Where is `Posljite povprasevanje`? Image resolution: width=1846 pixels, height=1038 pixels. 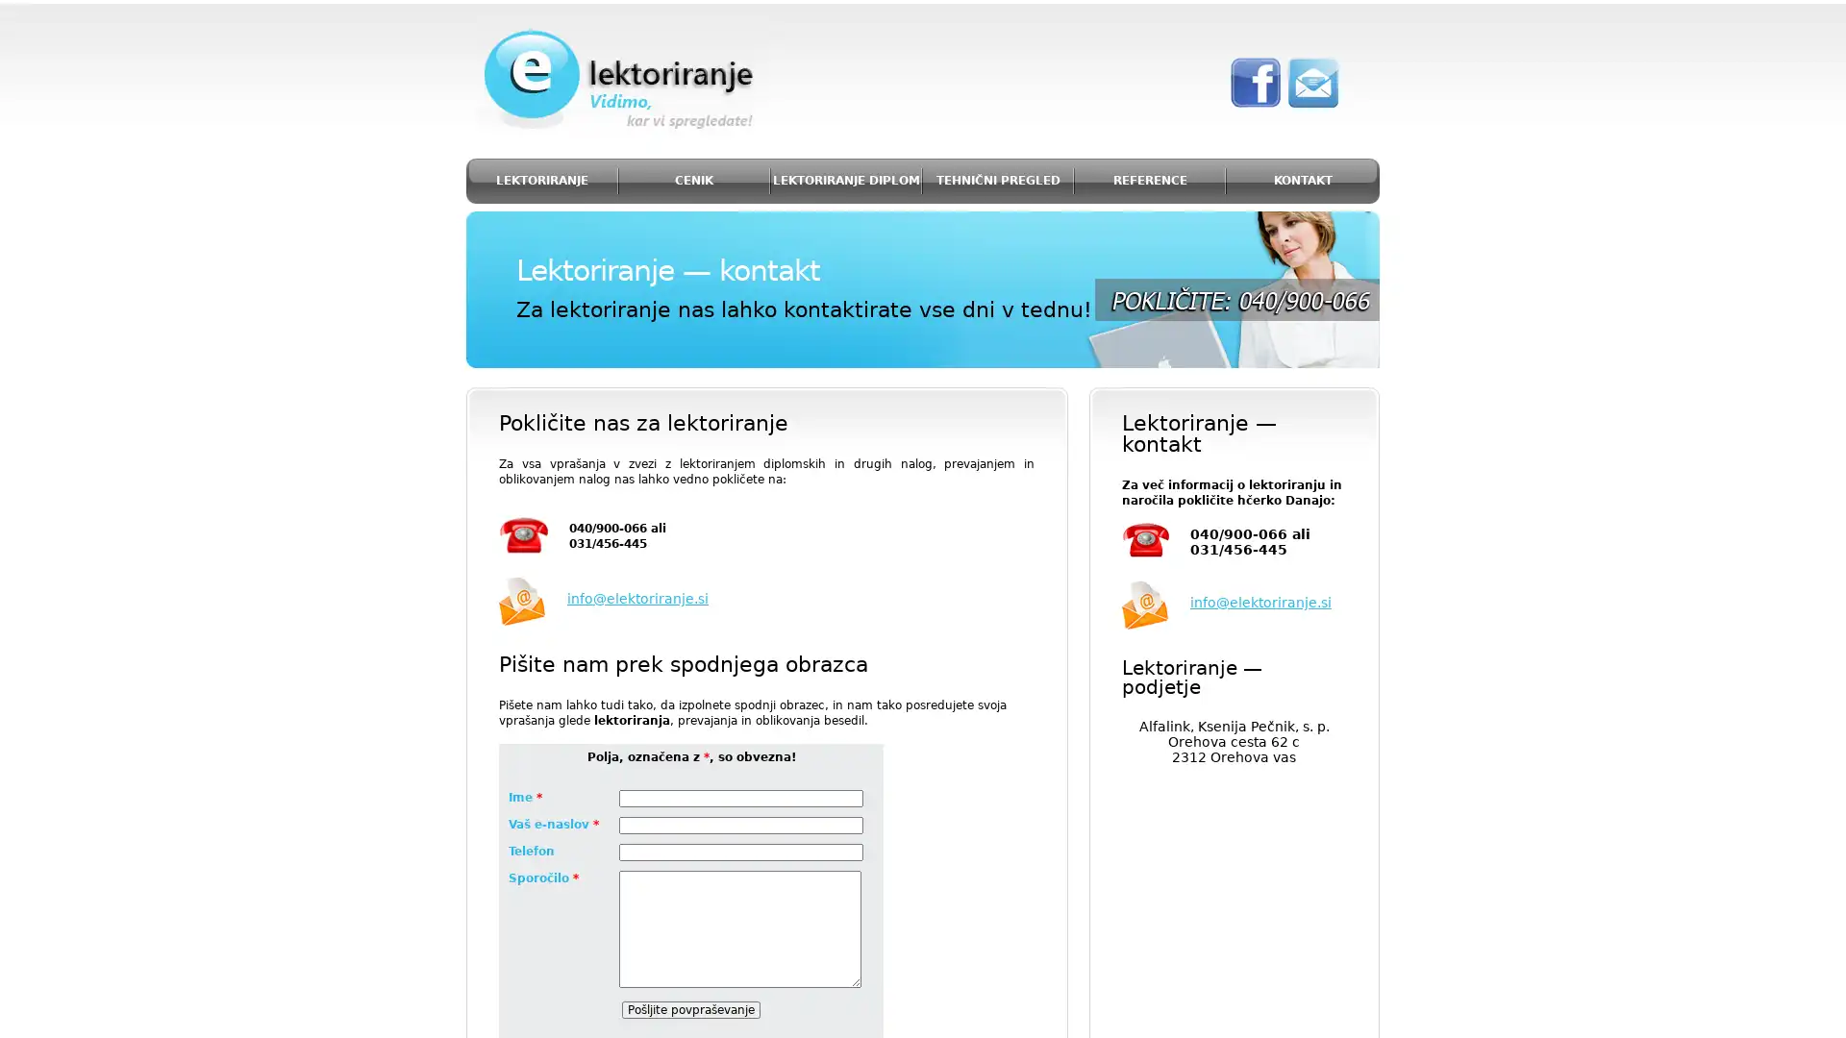 Posljite povprasevanje is located at coordinates (691, 1008).